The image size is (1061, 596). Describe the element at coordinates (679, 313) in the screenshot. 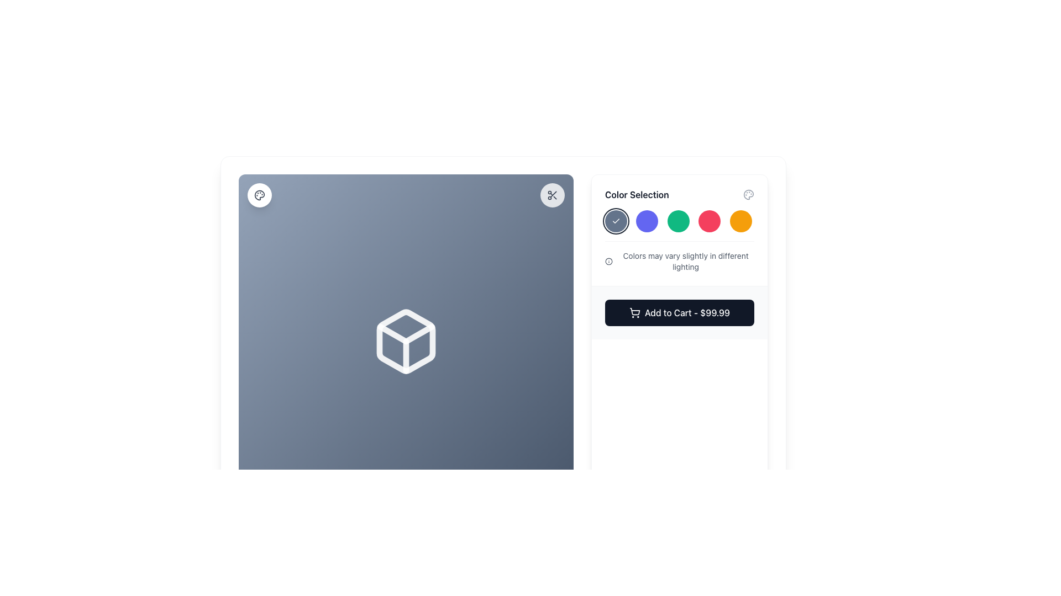

I see `the button with a dark gray background and white text that allows users to add an item priced at $99.99 to their shopping cart` at that location.